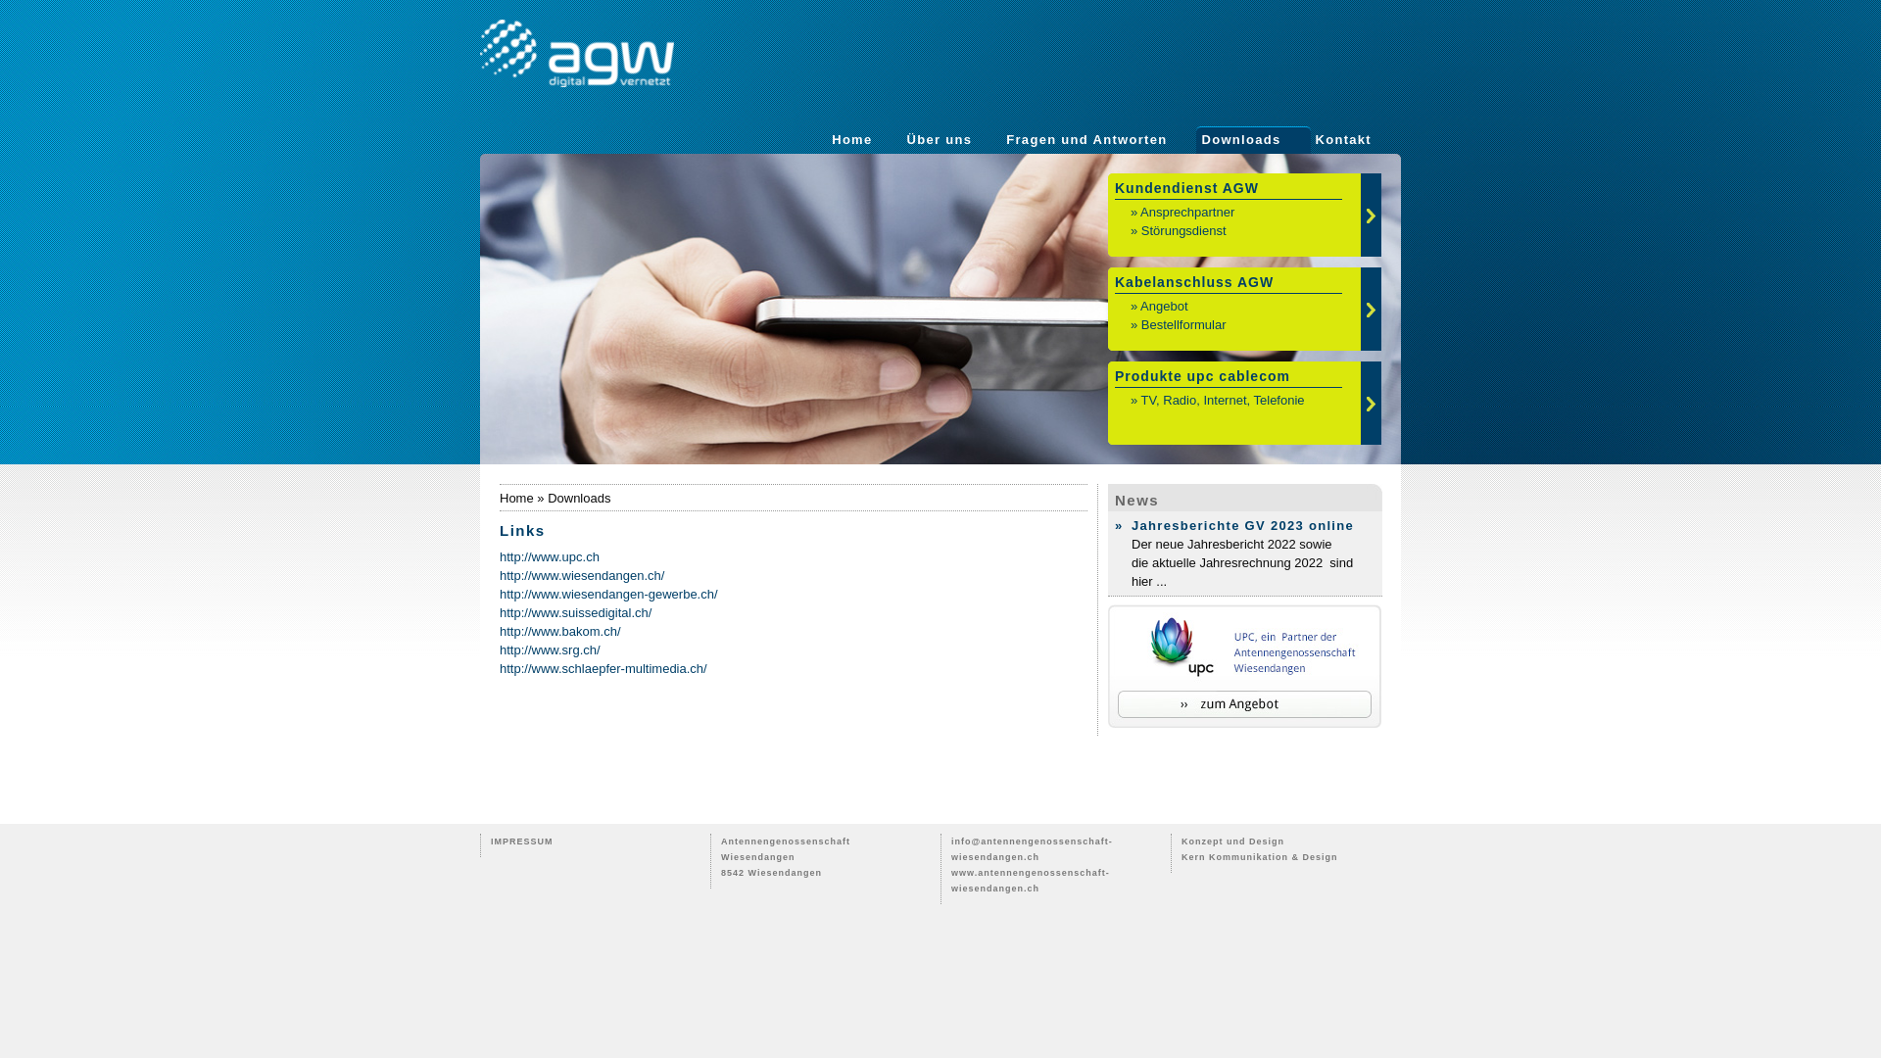 This screenshot has width=1881, height=1058. Describe the element at coordinates (549, 556) in the screenshot. I see `'http://www.upc.ch'` at that location.